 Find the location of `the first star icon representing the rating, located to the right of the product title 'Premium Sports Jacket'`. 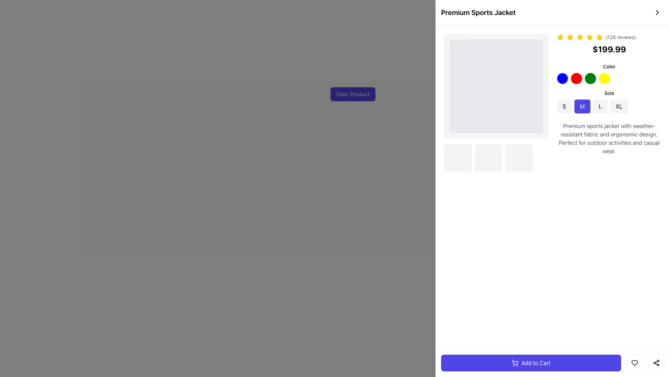

the first star icon representing the rating, located to the right of the product title 'Premium Sports Jacket' is located at coordinates (560, 37).